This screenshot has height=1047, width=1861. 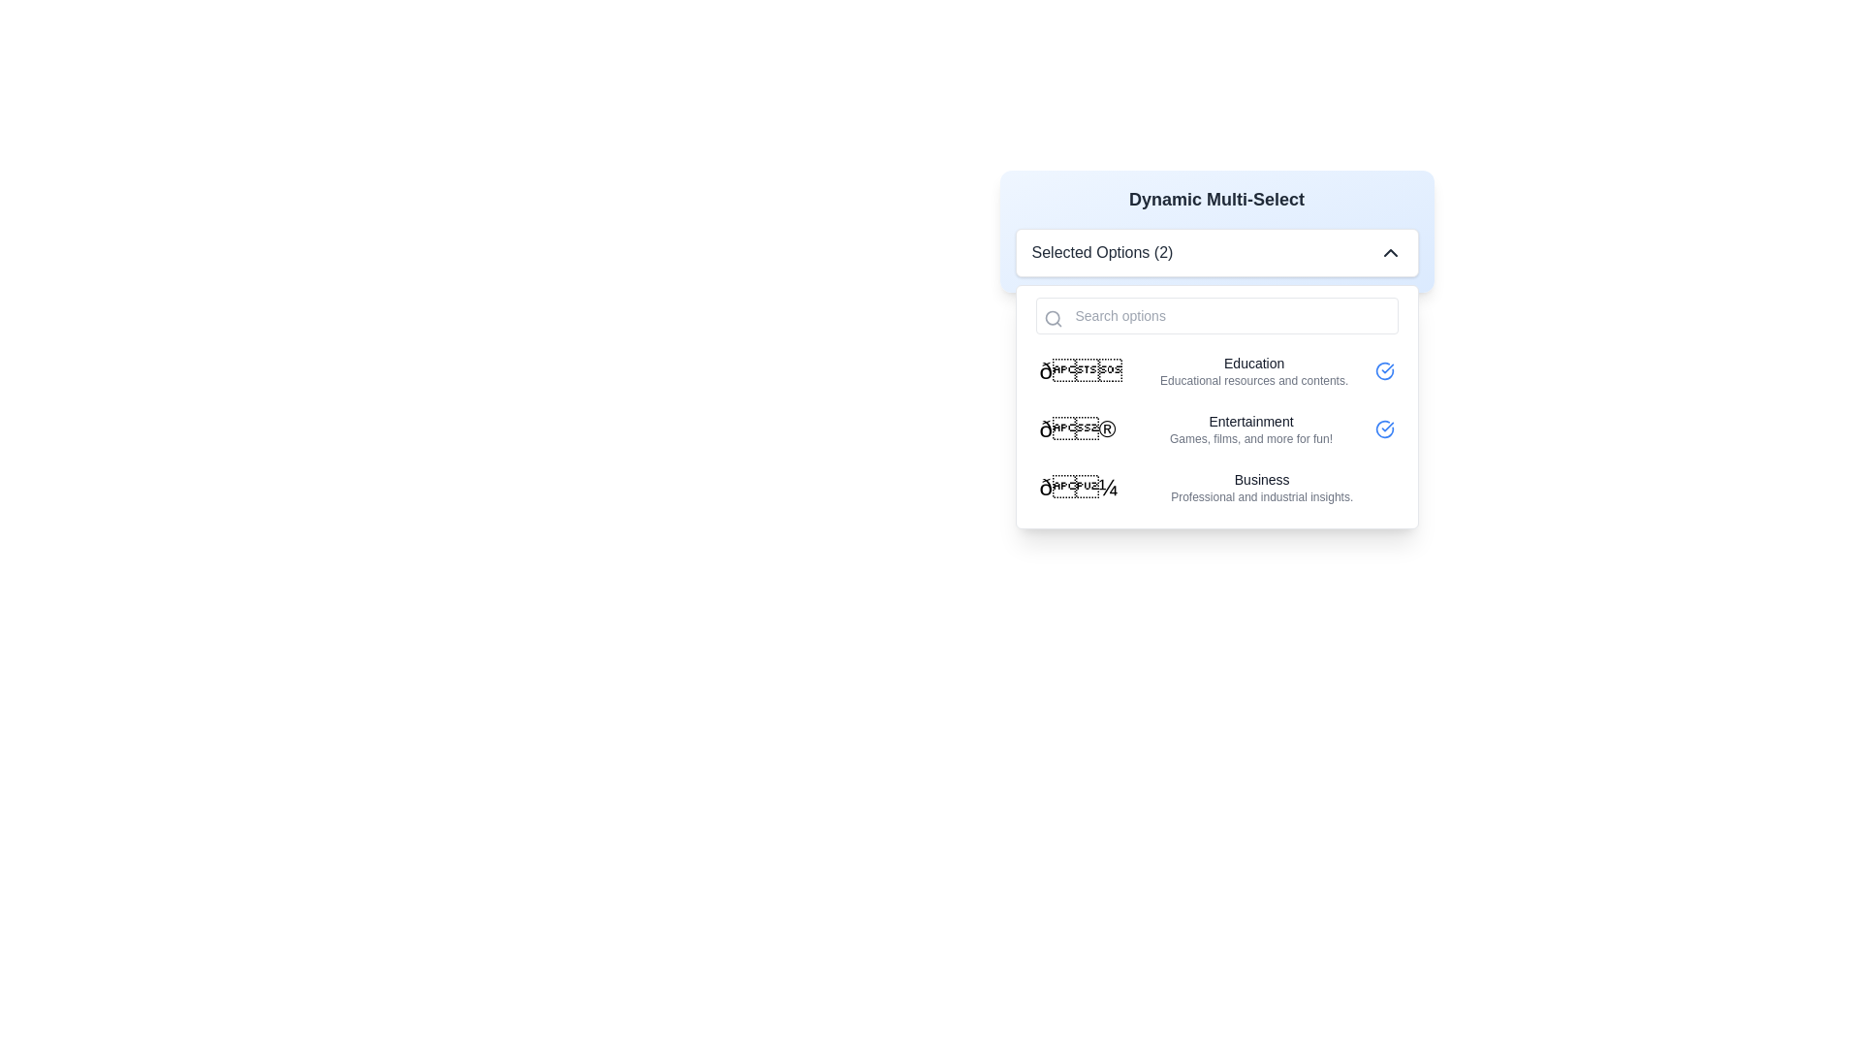 I want to click on the static text label providing additional context to the 'Entertainment' option in the 'Dynamic Multi-Select' dropdown, located below the 'Entertainment' title, so click(x=1251, y=438).